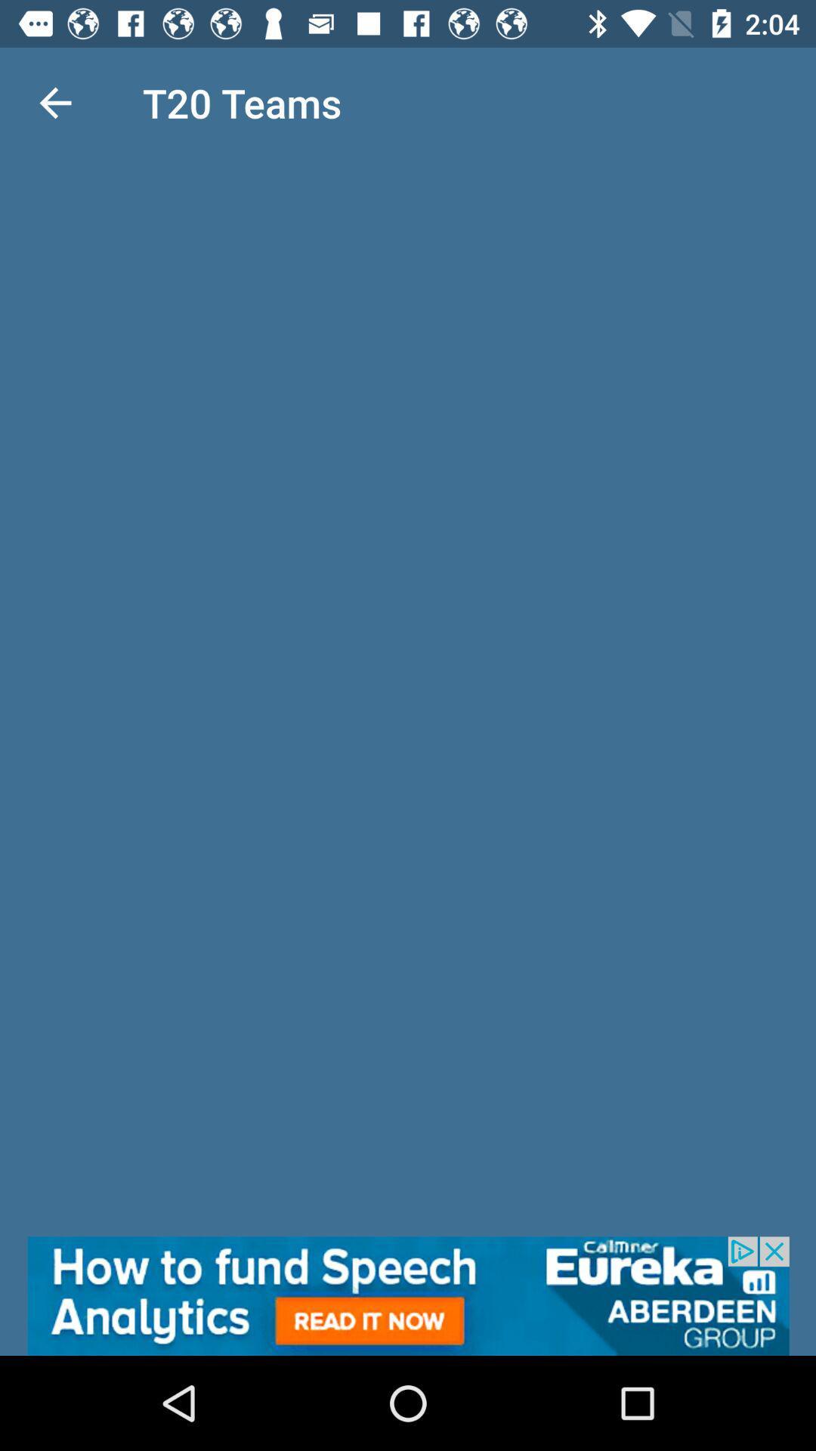  What do you see at coordinates (408, 1295) in the screenshot?
I see `advertisement website` at bounding box center [408, 1295].